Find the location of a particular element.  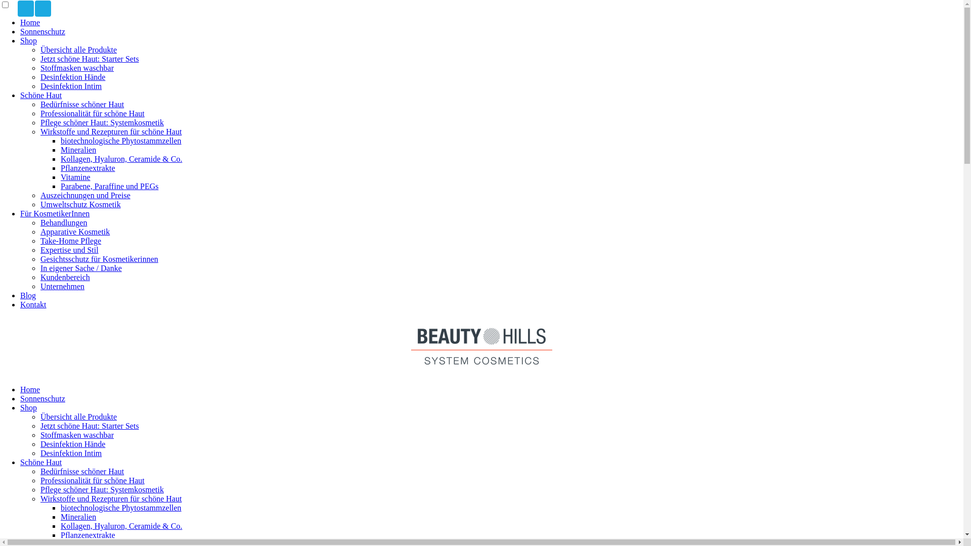

' ' is located at coordinates (42, 8).